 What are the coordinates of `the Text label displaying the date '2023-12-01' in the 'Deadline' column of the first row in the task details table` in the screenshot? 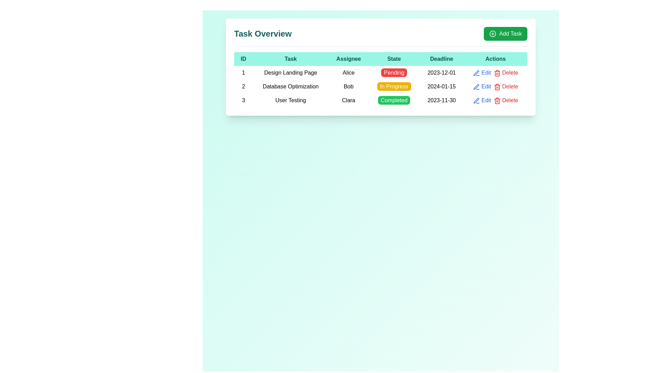 It's located at (441, 73).